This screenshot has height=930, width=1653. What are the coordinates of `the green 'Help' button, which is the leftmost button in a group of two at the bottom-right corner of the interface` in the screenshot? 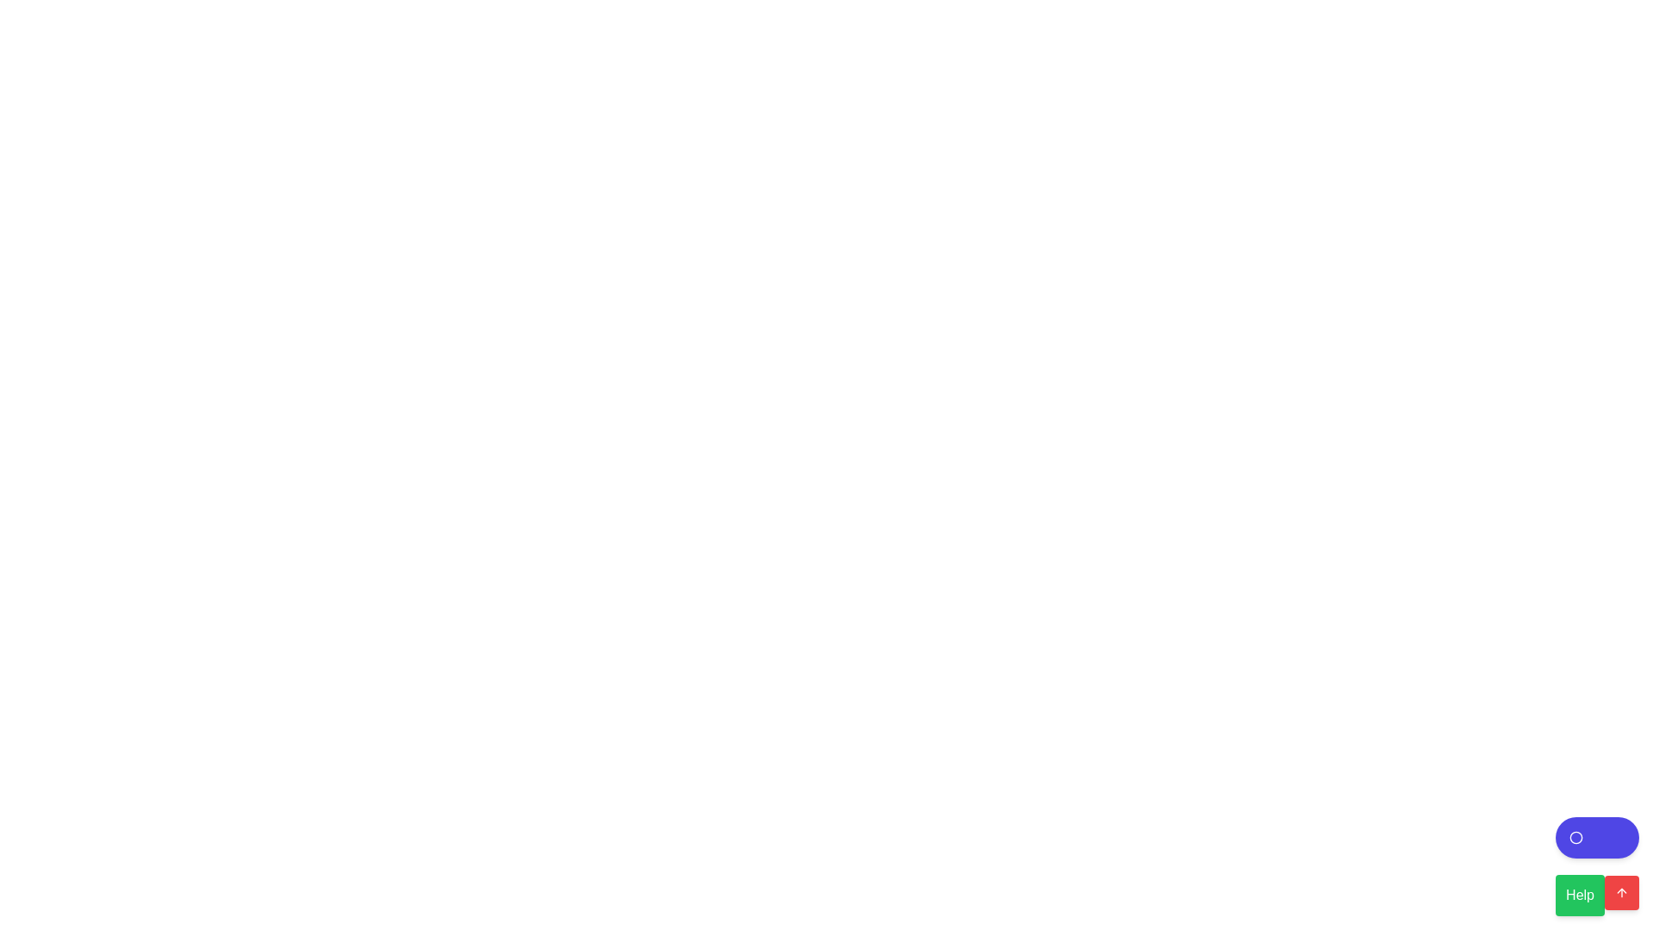 It's located at (1596, 891).